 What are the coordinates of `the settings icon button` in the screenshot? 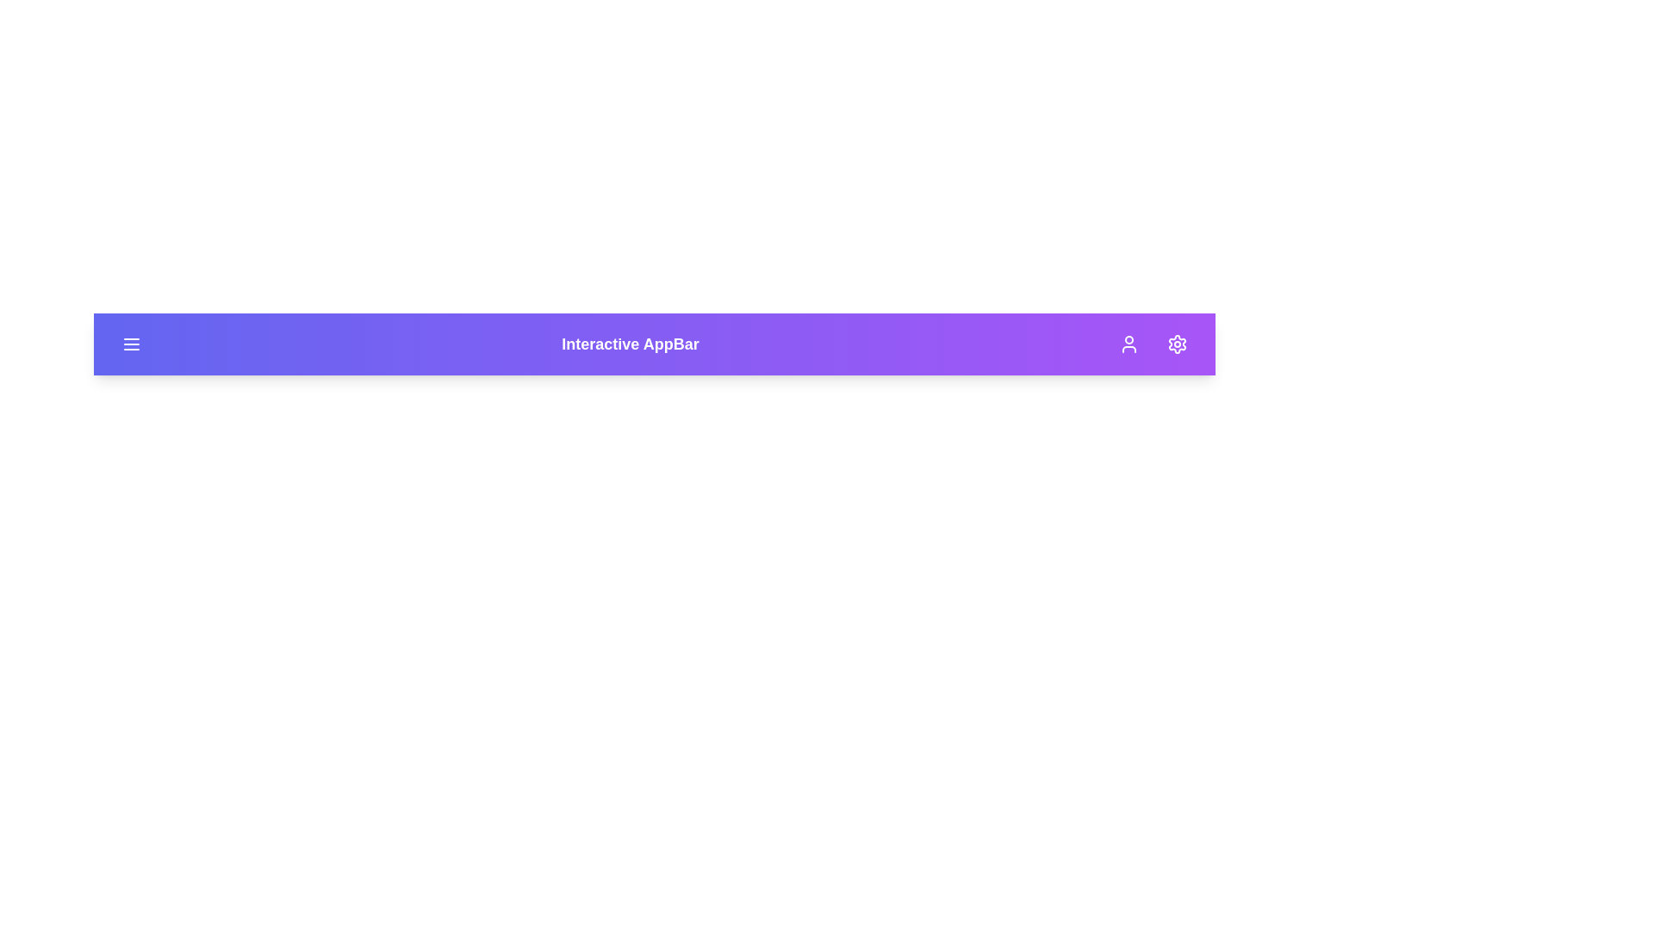 It's located at (1177, 344).